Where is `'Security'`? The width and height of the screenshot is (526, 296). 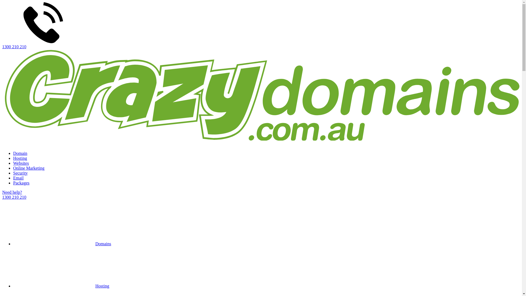 'Security' is located at coordinates (20, 173).